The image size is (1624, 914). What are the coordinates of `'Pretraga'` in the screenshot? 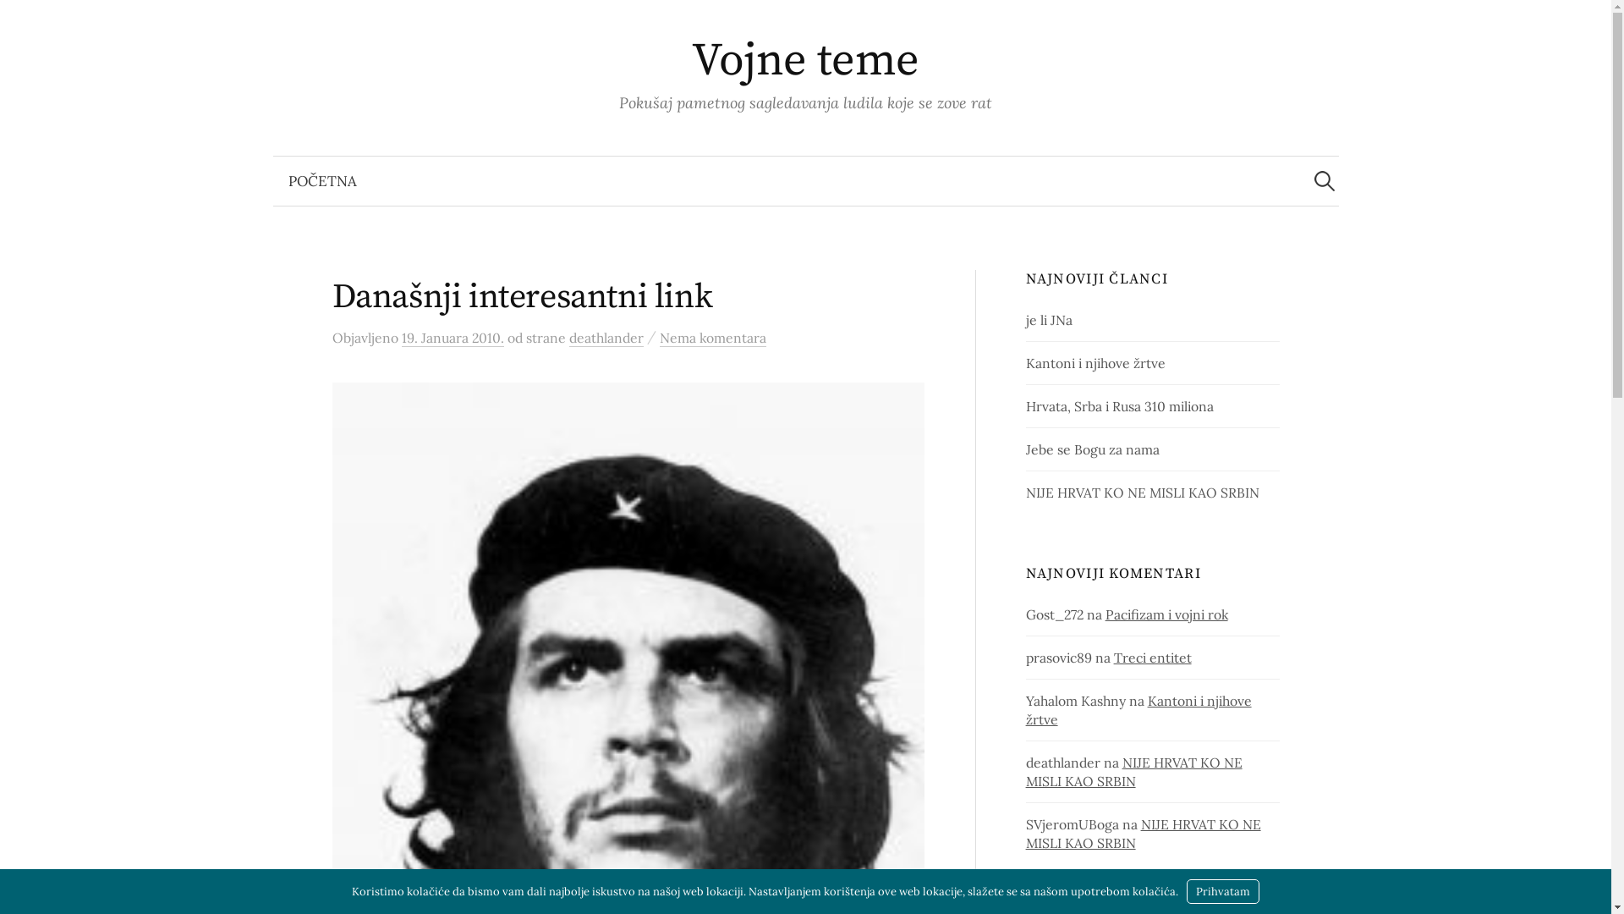 It's located at (20, 20).